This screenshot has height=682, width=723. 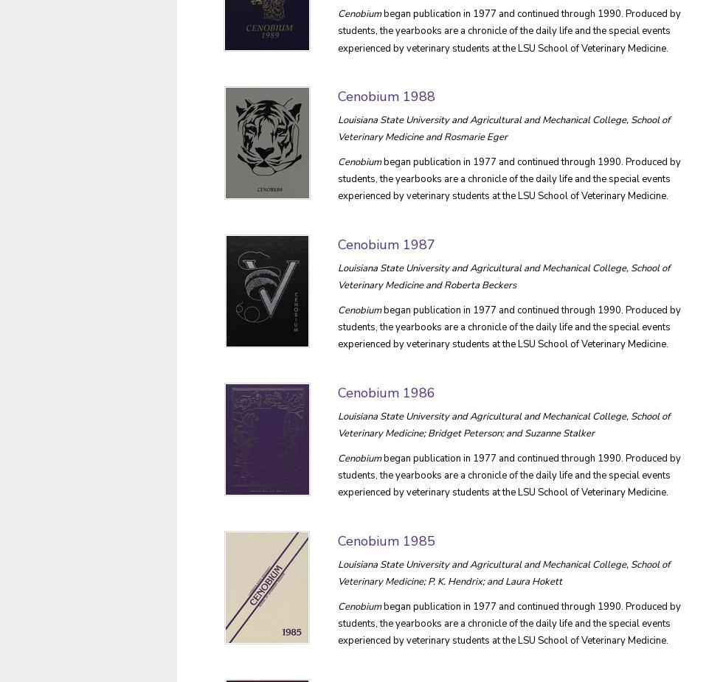 I want to click on 'Louisiana State University and Agricultural and Mechanical College, School of Veterinary Medicine; P. K. Hendrix; and Laura Hokett', so click(x=503, y=573).